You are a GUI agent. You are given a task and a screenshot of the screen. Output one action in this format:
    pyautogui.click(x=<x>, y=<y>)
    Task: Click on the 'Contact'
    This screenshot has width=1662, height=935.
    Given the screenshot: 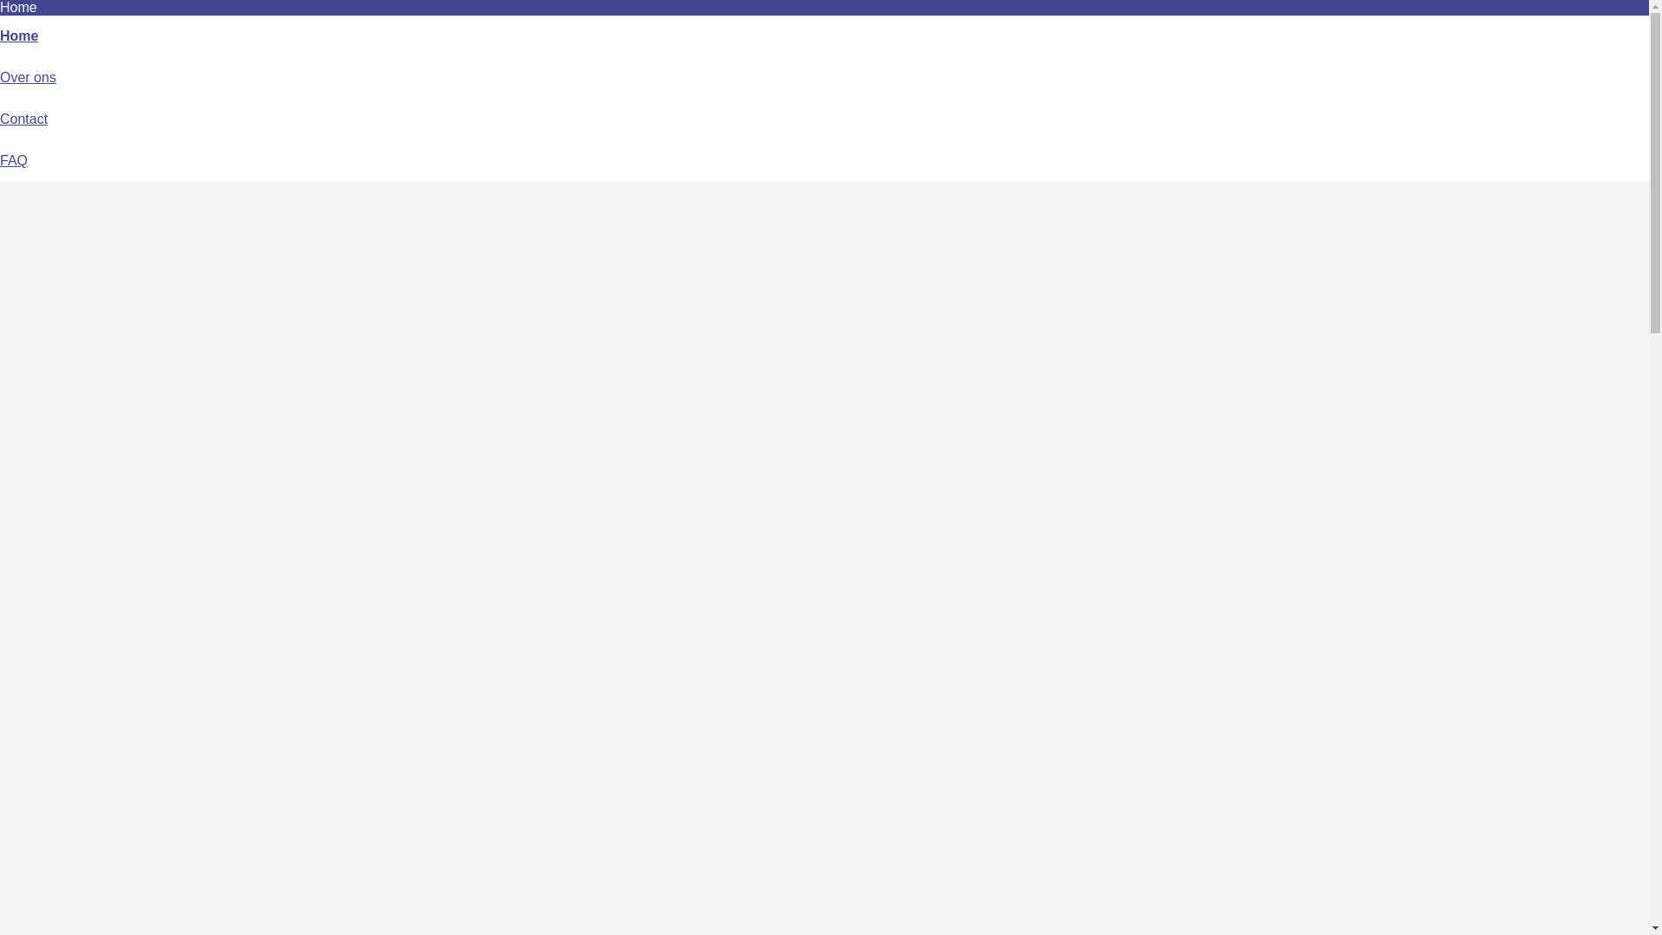 What is the action you would take?
    pyautogui.click(x=23, y=118)
    